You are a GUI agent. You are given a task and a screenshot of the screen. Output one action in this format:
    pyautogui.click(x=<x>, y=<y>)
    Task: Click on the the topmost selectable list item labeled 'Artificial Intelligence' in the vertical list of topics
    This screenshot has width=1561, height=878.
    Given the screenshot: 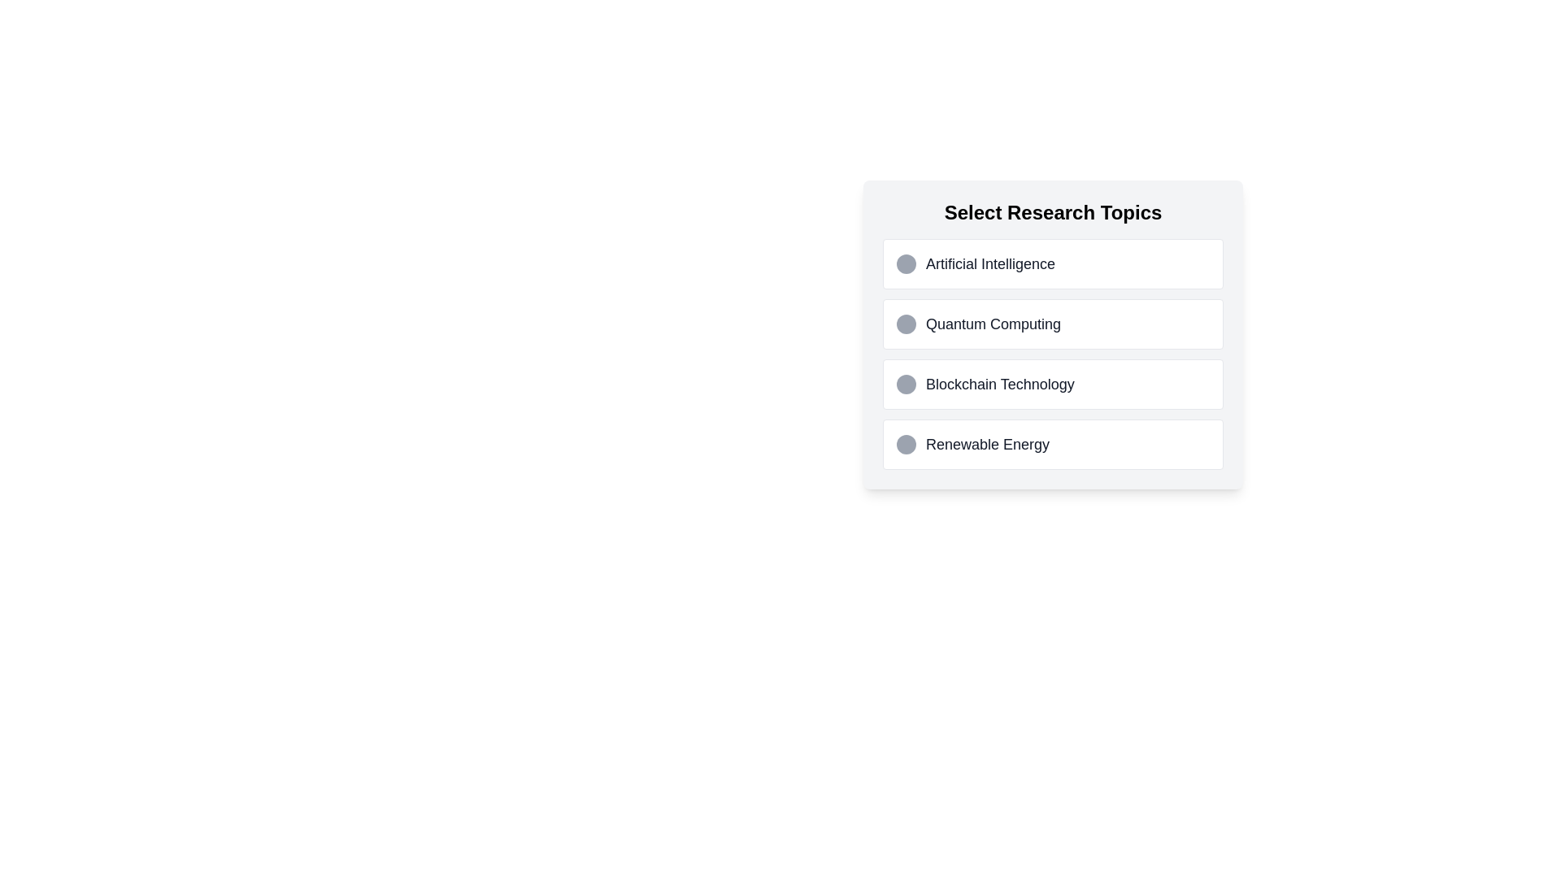 What is the action you would take?
    pyautogui.click(x=976, y=263)
    